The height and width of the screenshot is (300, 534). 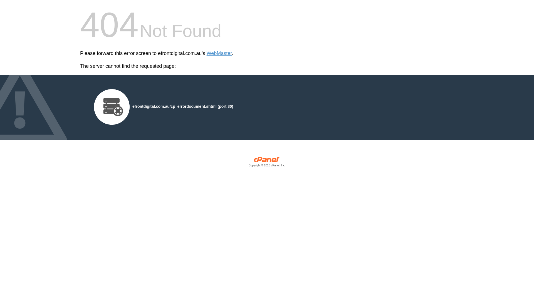 I want to click on 'WebMaster', so click(x=219, y=53).